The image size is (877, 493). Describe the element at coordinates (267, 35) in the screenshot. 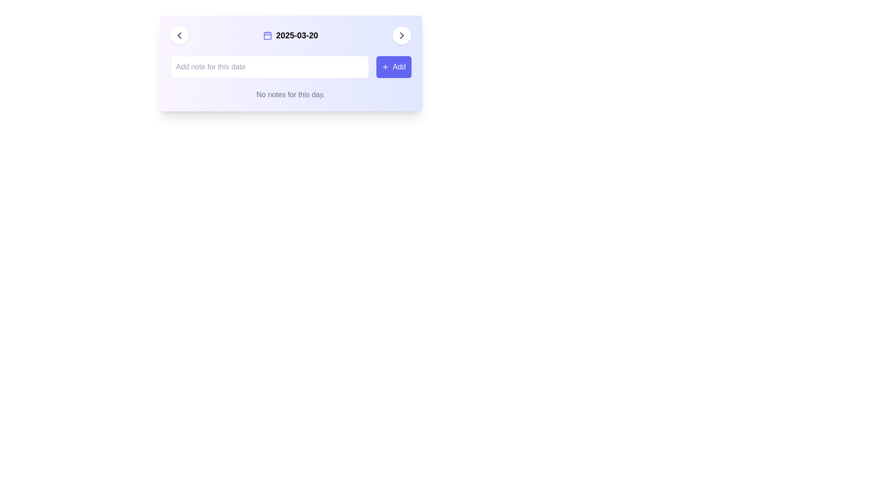

I see `the violet-indigo tinted calendar icon located to the left of the date '2025-03-20'` at that location.